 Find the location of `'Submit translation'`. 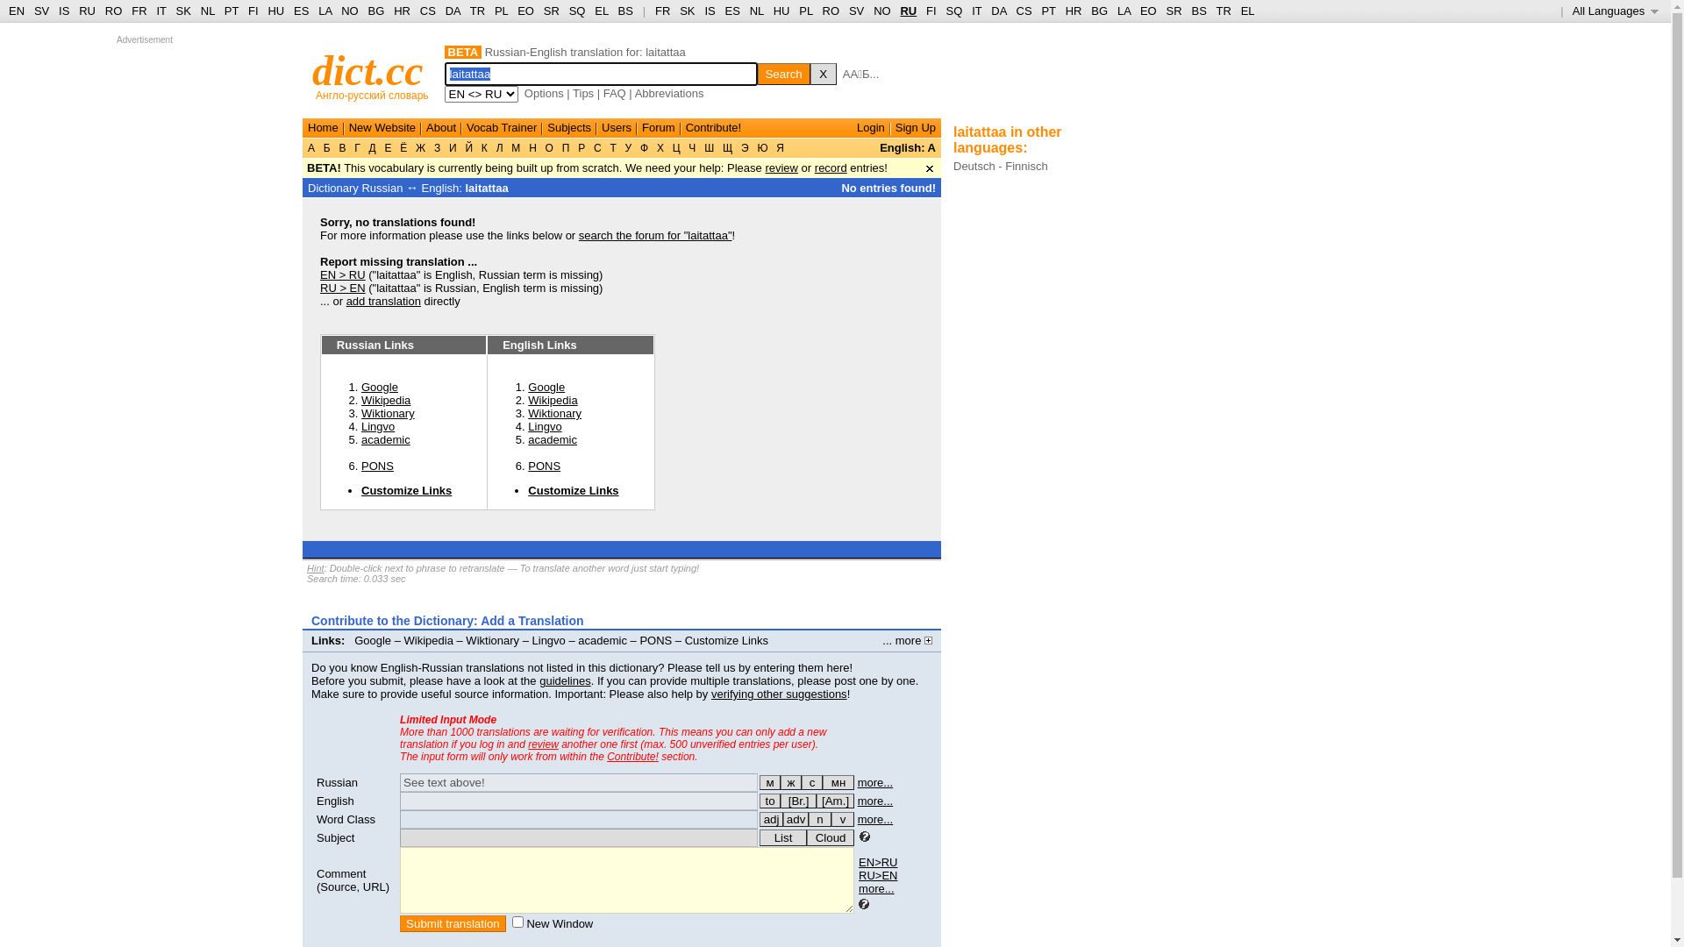

'Submit translation' is located at coordinates (453, 922).